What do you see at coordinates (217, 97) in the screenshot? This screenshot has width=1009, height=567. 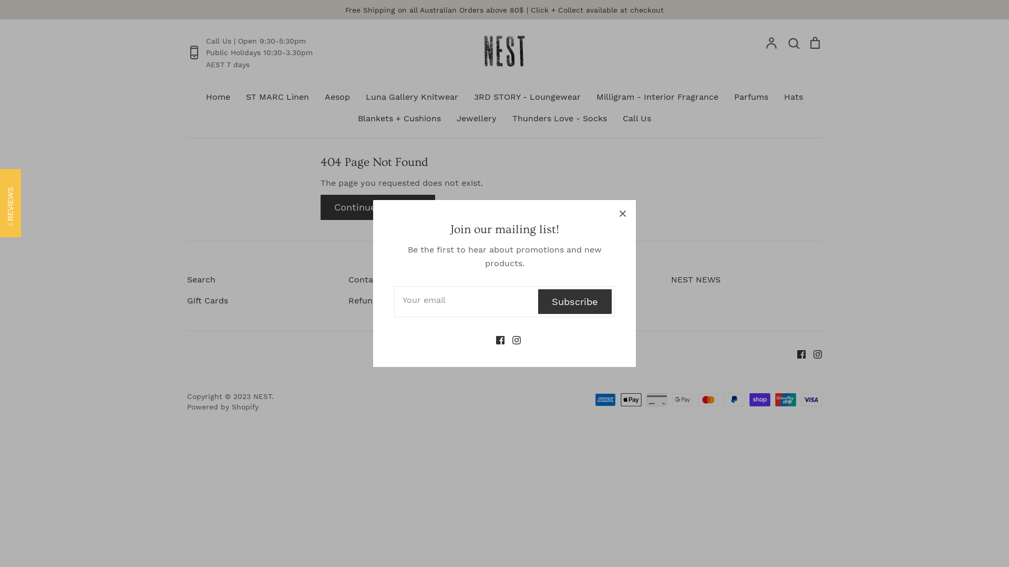 I see `'Home'` at bounding box center [217, 97].